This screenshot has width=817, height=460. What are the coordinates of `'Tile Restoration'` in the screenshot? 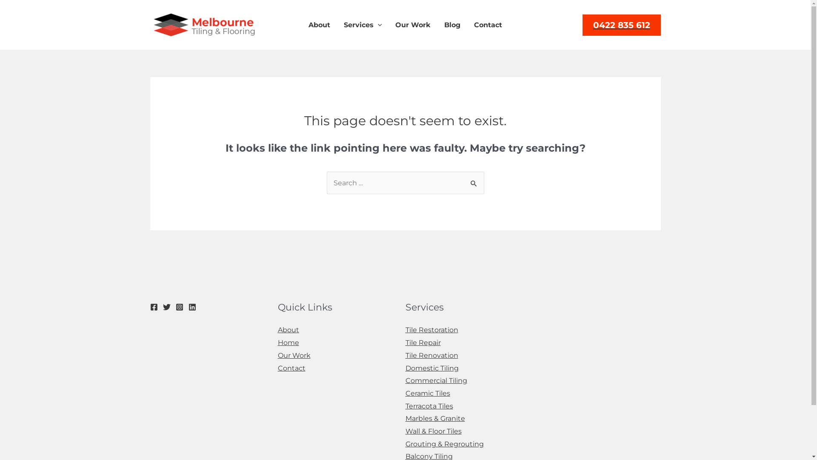 It's located at (404, 329).